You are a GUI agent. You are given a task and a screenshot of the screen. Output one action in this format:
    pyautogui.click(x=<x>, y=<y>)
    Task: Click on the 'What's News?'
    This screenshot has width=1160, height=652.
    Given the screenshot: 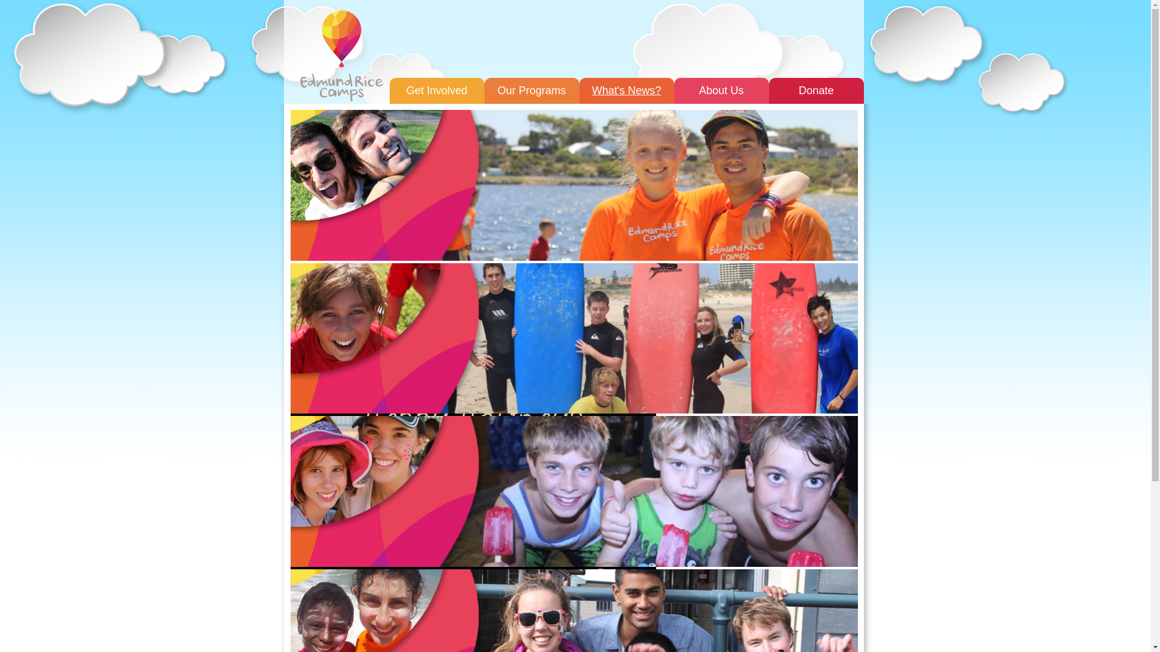 What is the action you would take?
    pyautogui.click(x=626, y=90)
    